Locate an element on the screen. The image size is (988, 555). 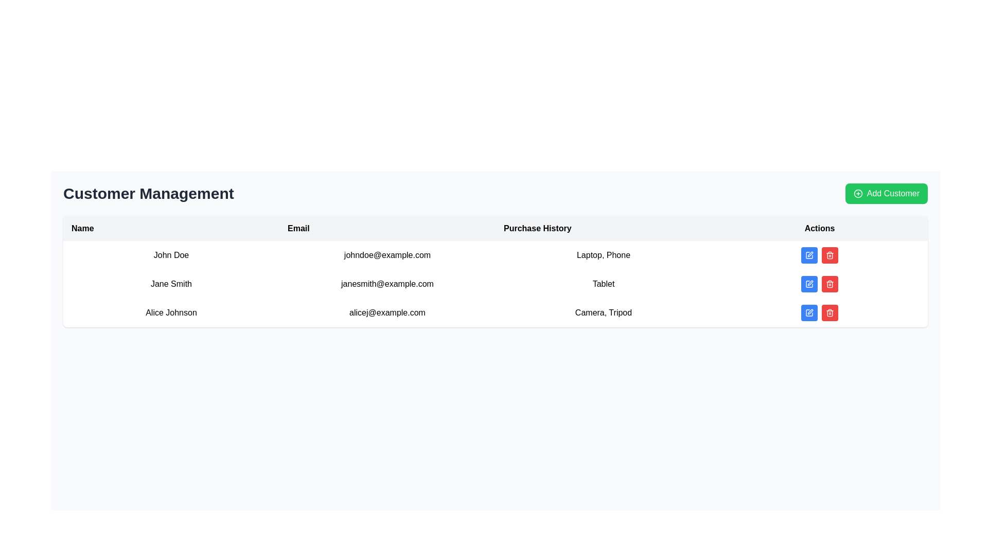
the red delete button in the actions column of the table for 'Jane Smith' is located at coordinates (819, 284).